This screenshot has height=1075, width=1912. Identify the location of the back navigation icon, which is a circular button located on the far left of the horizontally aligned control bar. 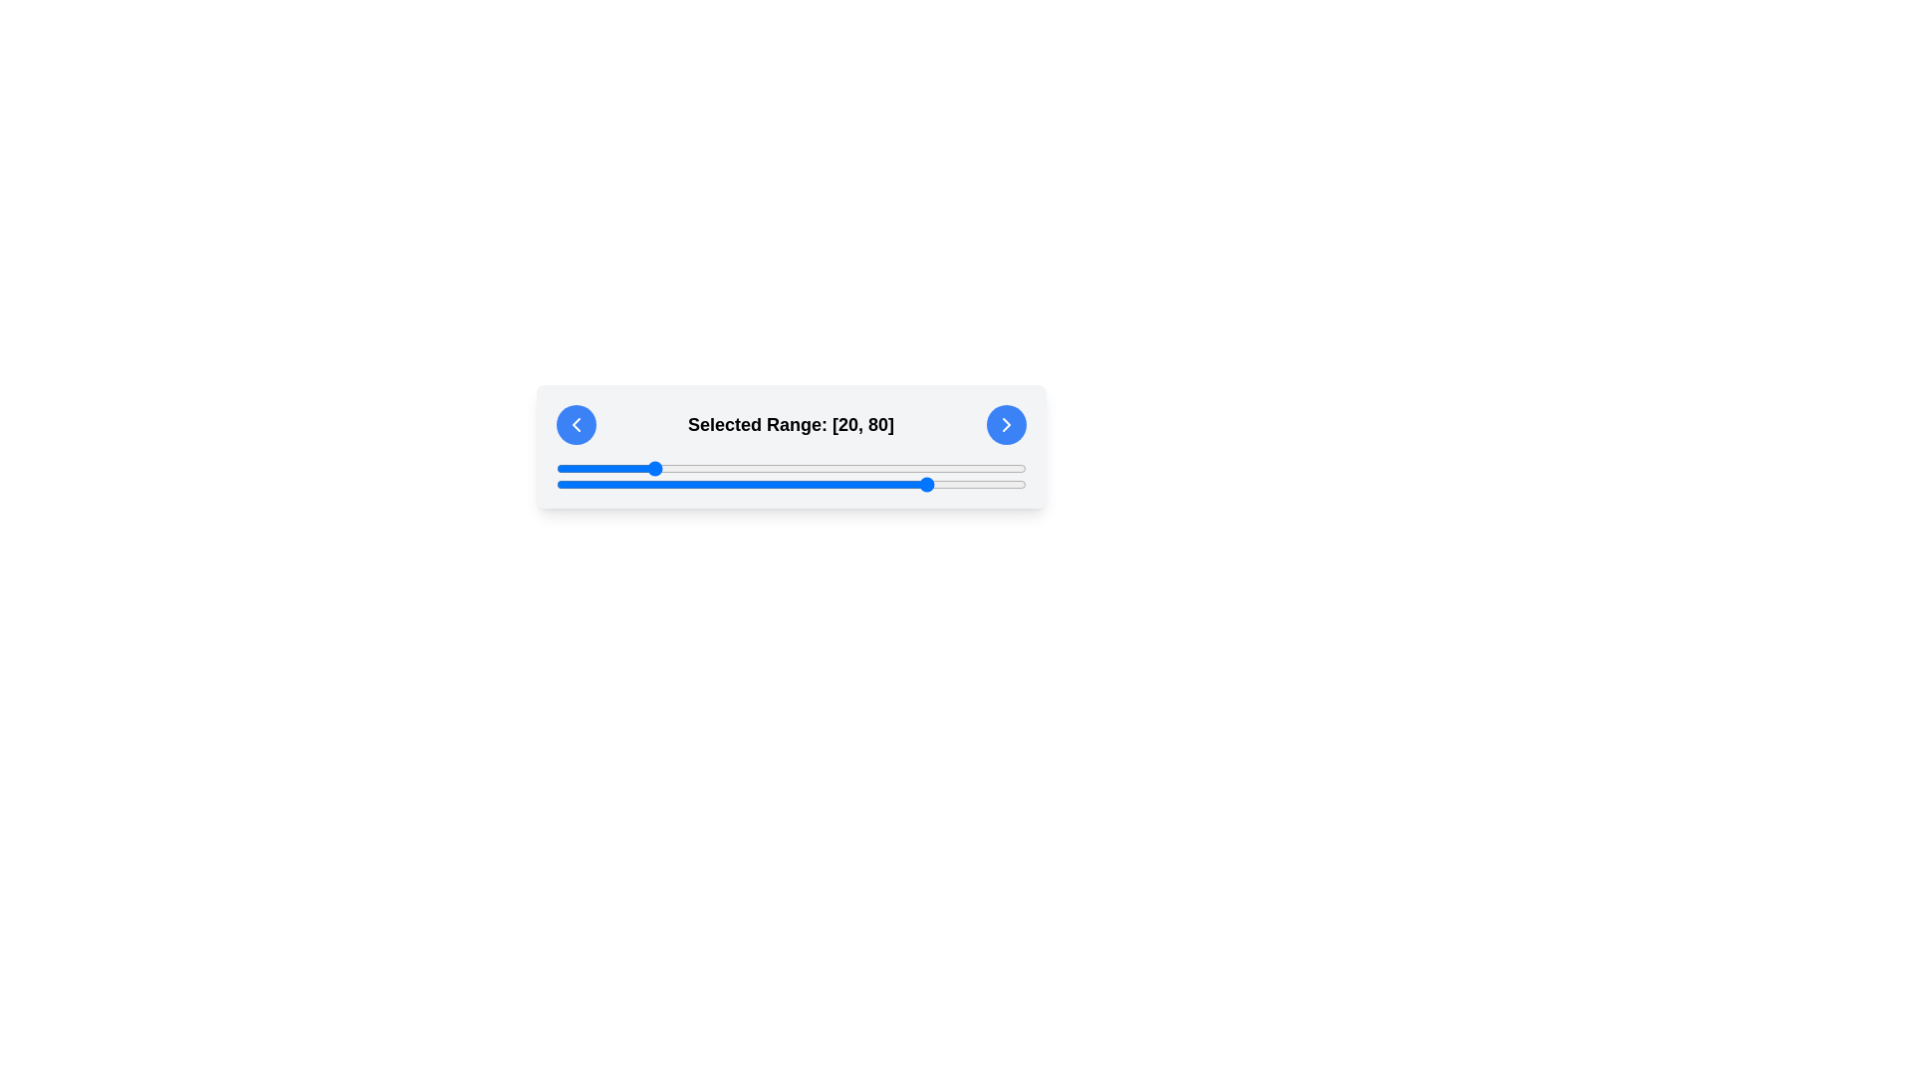
(575, 424).